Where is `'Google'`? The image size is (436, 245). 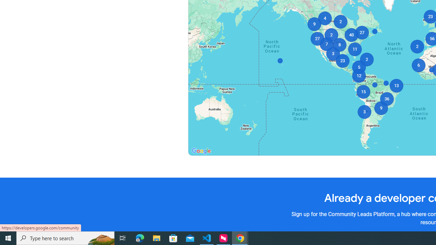
'Google' is located at coordinates (201, 151).